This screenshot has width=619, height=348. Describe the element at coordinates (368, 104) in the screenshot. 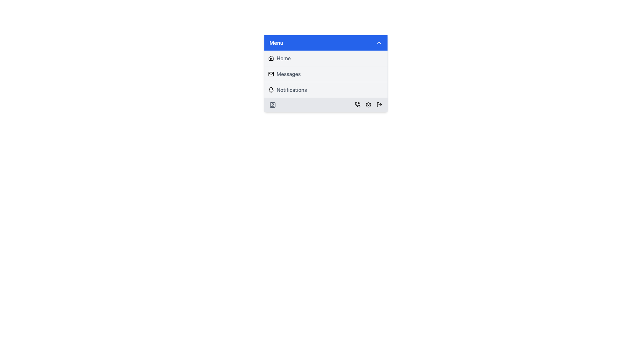

I see `the second-to-last icon` at that location.